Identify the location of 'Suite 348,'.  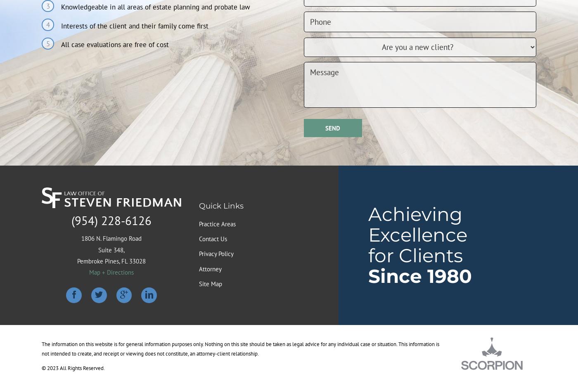
(111, 249).